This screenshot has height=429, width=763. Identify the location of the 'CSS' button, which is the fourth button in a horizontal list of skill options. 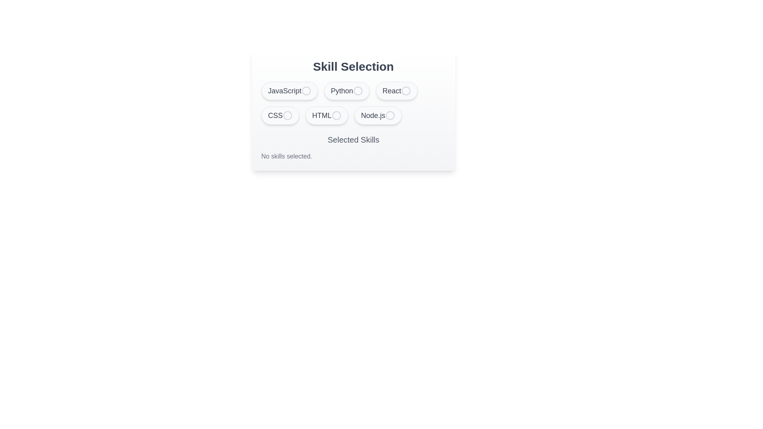
(280, 115).